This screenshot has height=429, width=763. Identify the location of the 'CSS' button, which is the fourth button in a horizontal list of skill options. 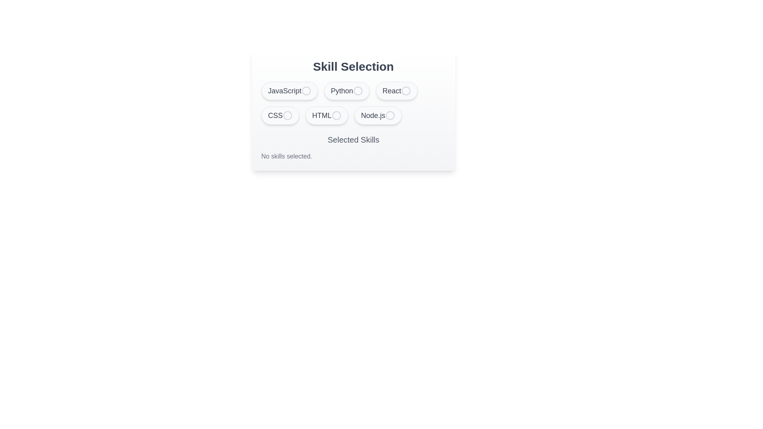
(280, 115).